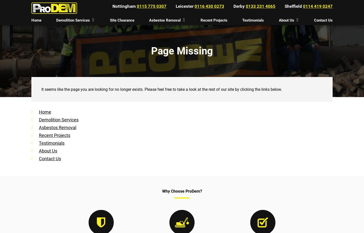 This screenshot has width=364, height=233. I want to click on 'Sheffield', so click(284, 6).